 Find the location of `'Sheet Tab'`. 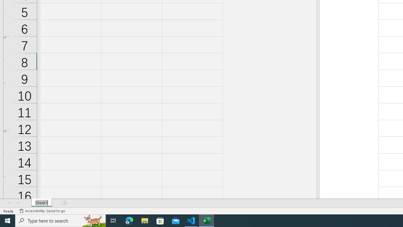

'Sheet Tab' is located at coordinates (41, 203).